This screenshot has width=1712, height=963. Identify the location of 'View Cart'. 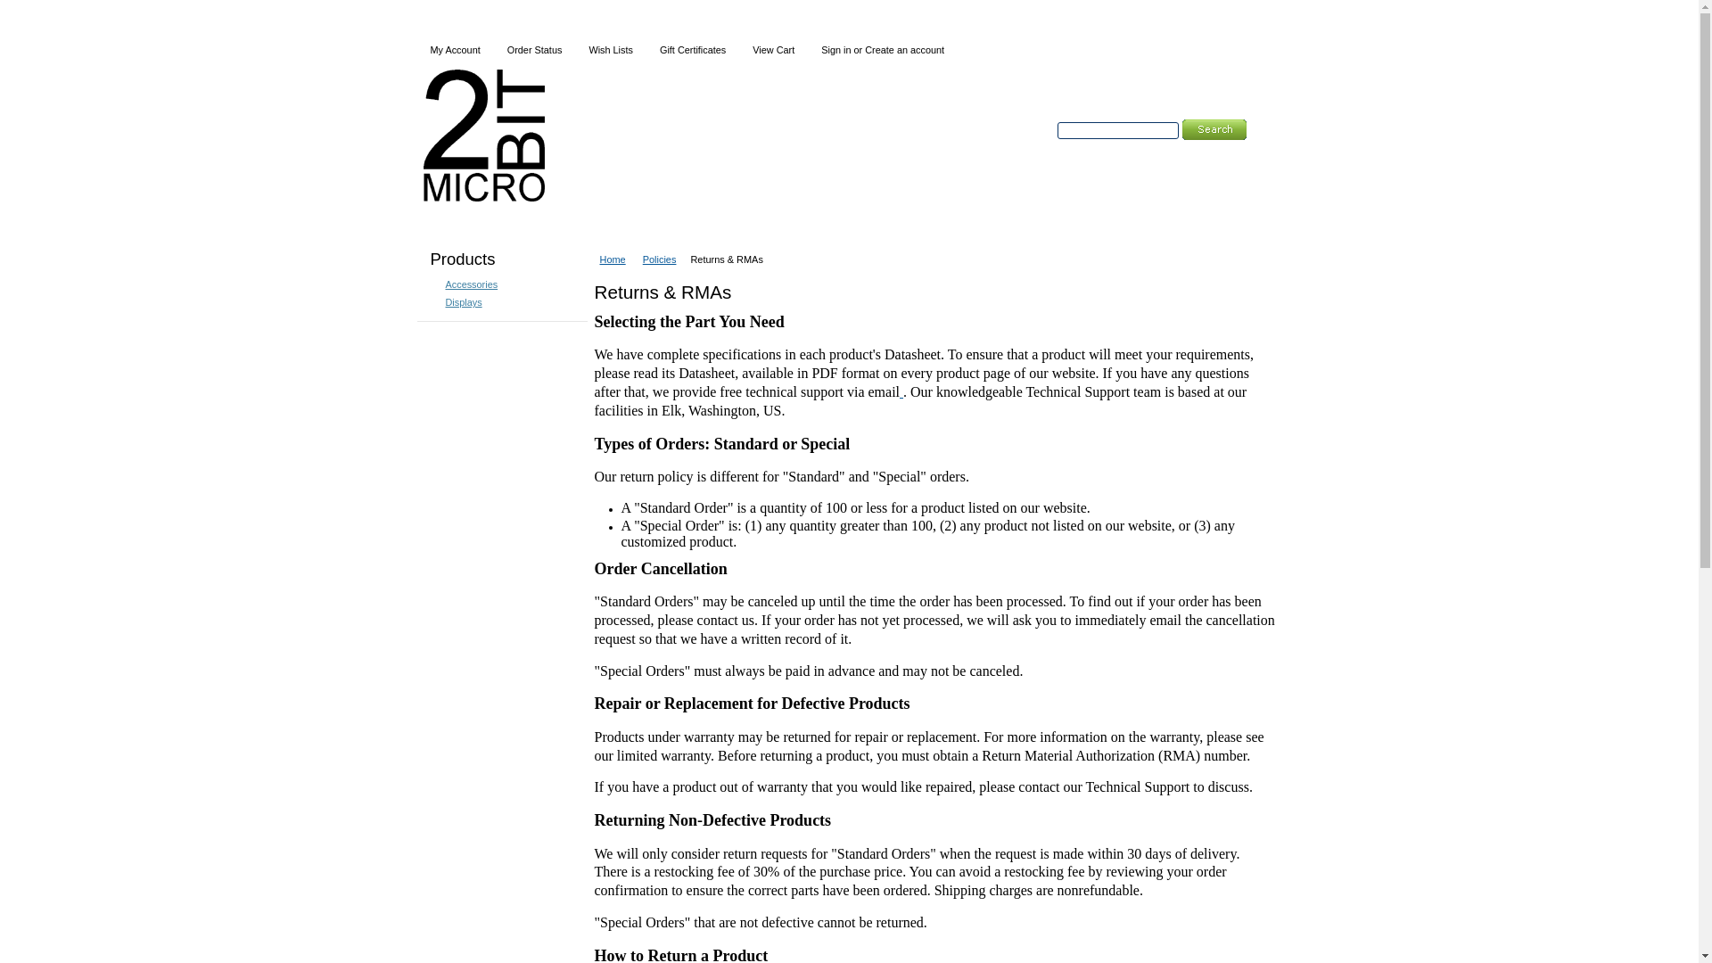
(739, 49).